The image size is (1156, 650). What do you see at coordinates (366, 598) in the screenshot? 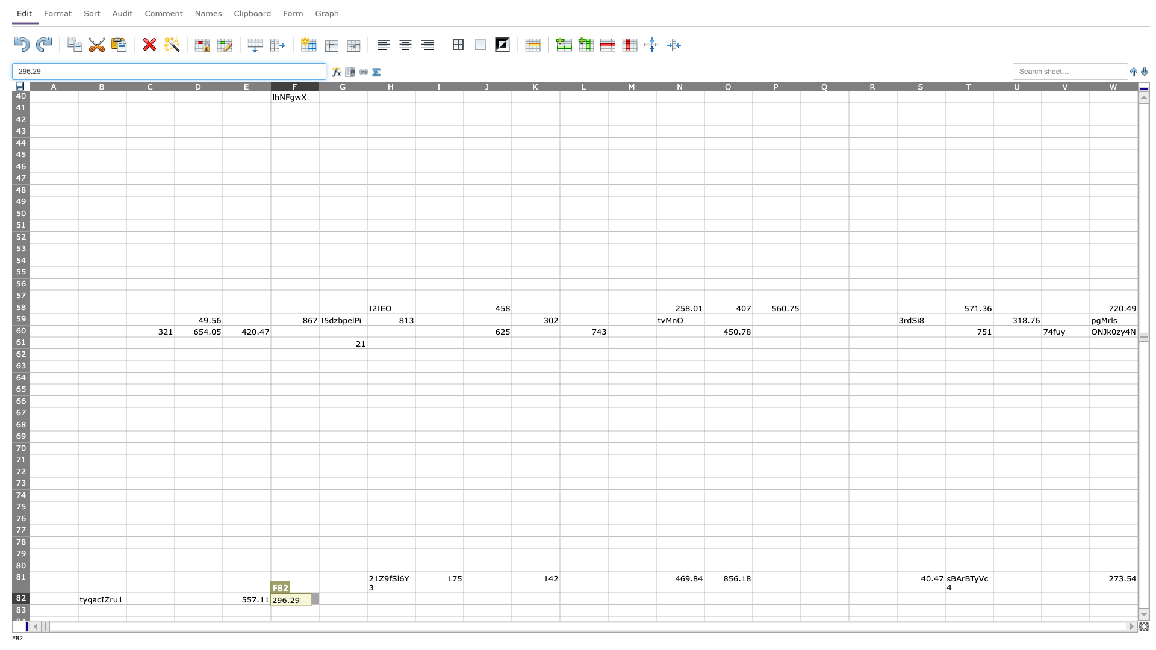
I see `right border of G82` at bounding box center [366, 598].